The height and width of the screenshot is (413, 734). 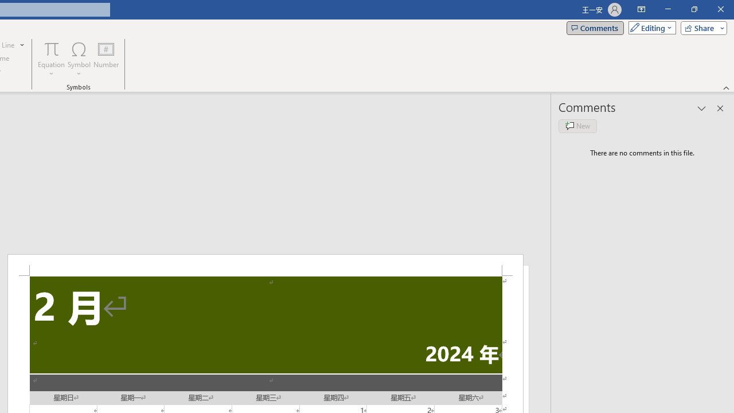 What do you see at coordinates (720, 108) in the screenshot?
I see `'Close pane'` at bounding box center [720, 108].